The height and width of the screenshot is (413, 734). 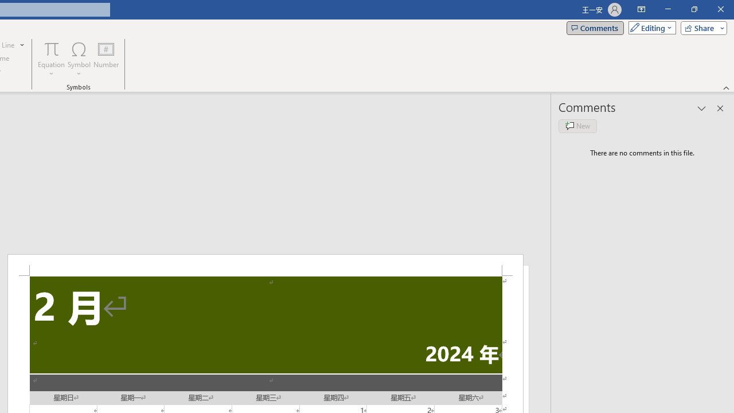 What do you see at coordinates (720, 108) in the screenshot?
I see `'Close pane'` at bounding box center [720, 108].